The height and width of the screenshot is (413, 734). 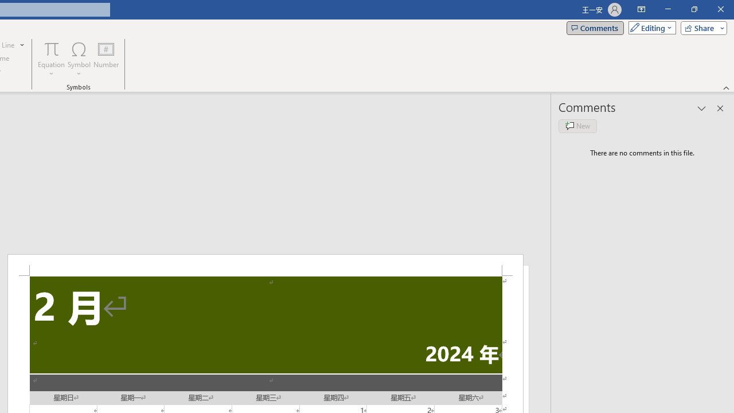 What do you see at coordinates (720, 108) in the screenshot?
I see `'Close pane'` at bounding box center [720, 108].